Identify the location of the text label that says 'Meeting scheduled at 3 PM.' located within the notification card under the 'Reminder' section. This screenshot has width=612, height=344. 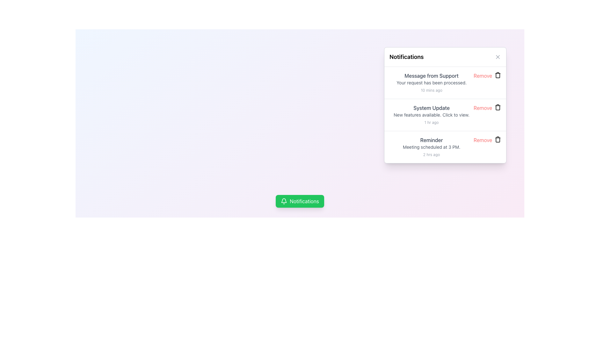
(431, 147).